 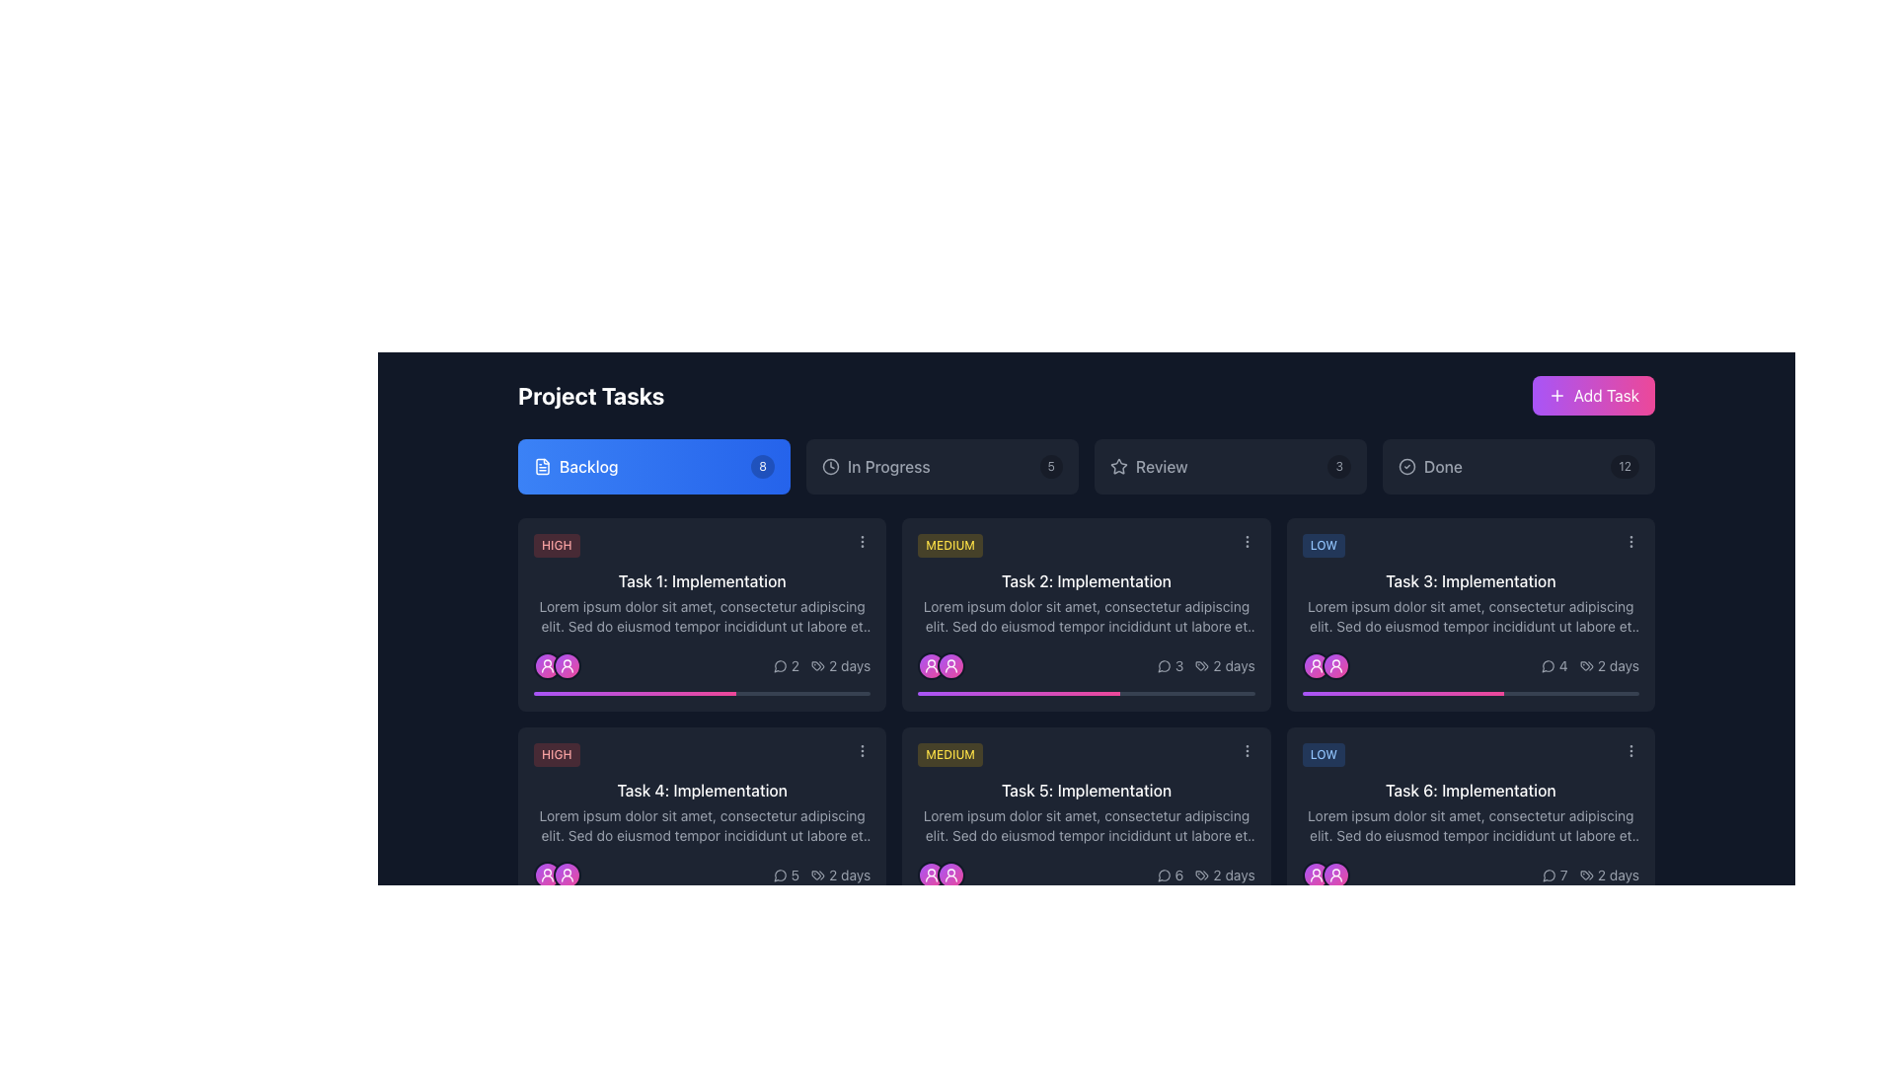 What do you see at coordinates (874, 467) in the screenshot?
I see `the 'In Progress' label with an icon in the task management system` at bounding box center [874, 467].